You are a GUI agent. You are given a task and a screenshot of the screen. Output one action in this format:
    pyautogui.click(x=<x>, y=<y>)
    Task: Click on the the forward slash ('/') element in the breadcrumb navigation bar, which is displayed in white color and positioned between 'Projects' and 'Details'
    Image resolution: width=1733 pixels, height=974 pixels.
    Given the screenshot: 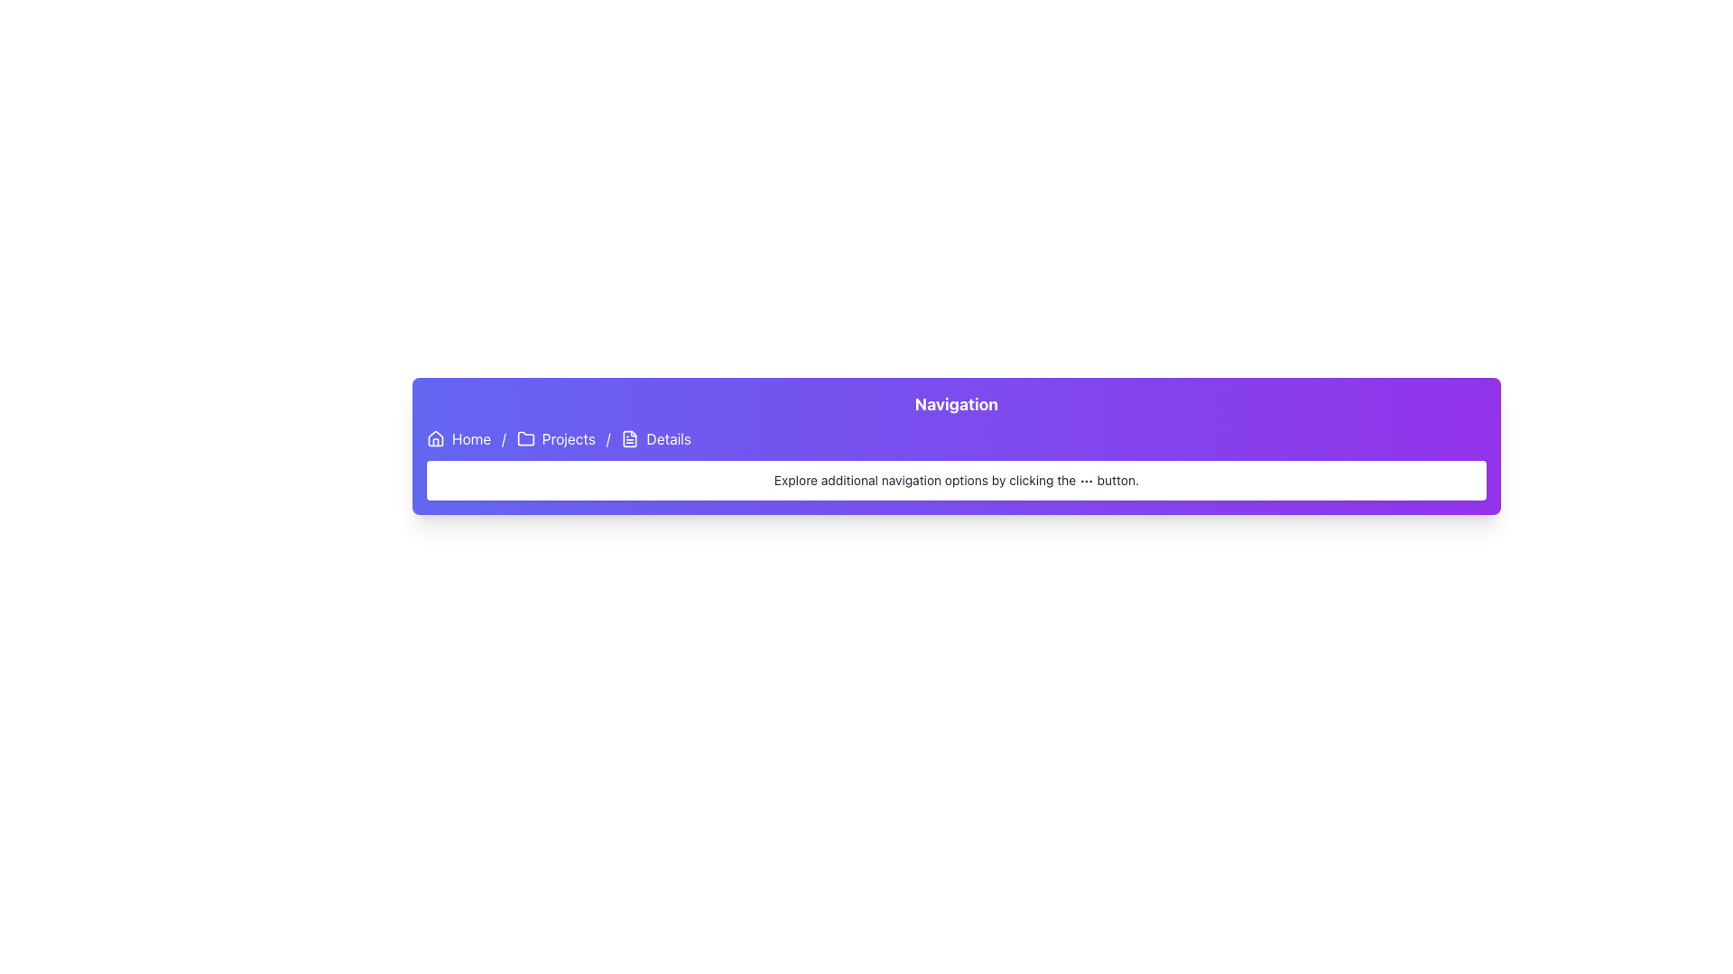 What is the action you would take?
    pyautogui.click(x=504, y=438)
    